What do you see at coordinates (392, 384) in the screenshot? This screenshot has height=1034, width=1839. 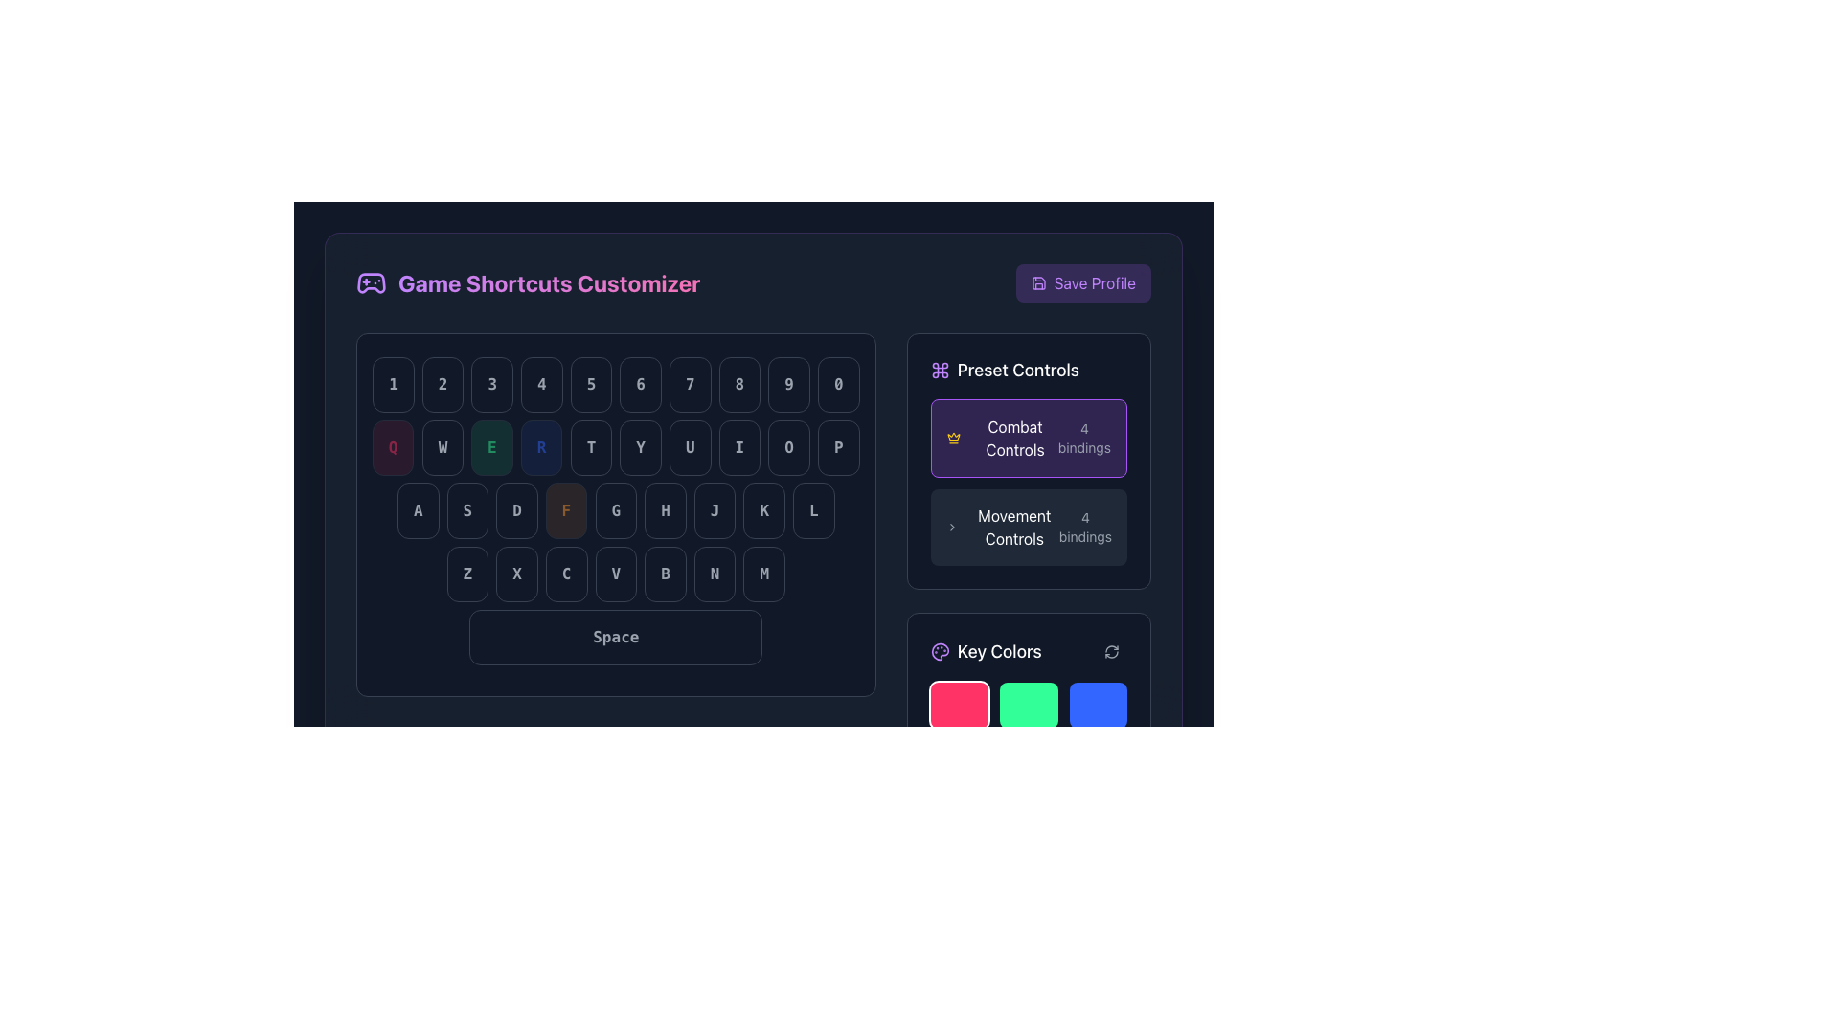 I see `the first button in the horizontal layout that has a dark background and displays the character '1'` at bounding box center [392, 384].